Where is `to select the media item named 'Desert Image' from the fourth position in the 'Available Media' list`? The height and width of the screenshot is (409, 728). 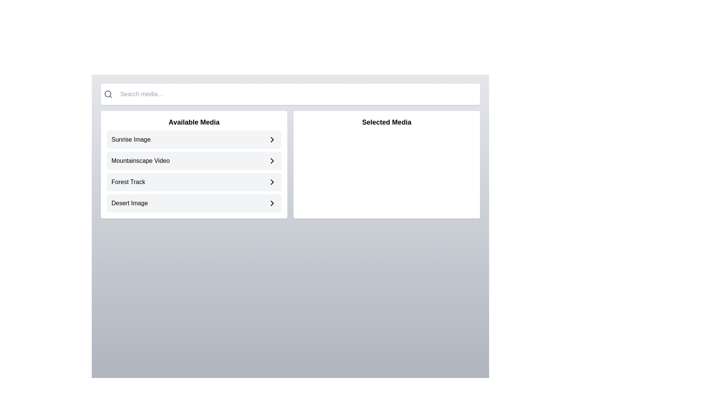
to select the media item named 'Desert Image' from the fourth position in the 'Available Media' list is located at coordinates (194, 203).